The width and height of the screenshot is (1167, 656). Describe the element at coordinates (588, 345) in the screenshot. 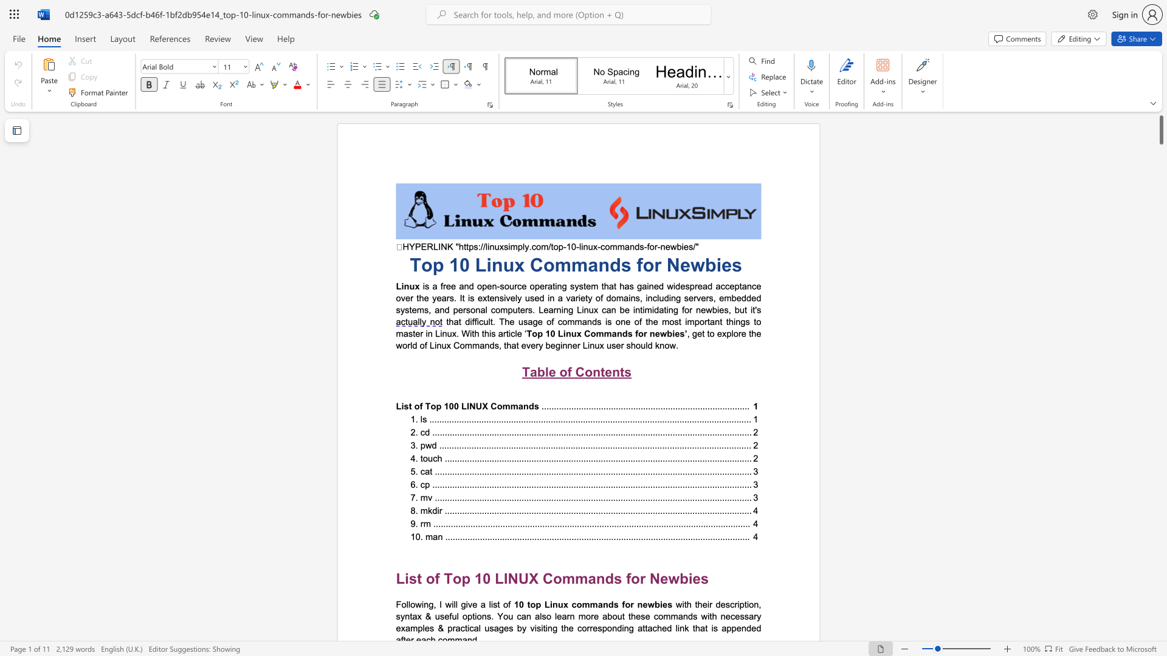

I see `the 3th character "i" in the text` at that location.